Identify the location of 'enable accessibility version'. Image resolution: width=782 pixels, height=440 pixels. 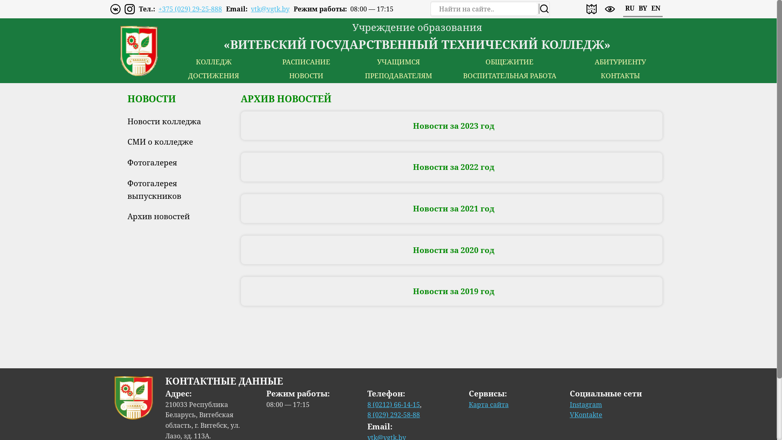
(610, 9).